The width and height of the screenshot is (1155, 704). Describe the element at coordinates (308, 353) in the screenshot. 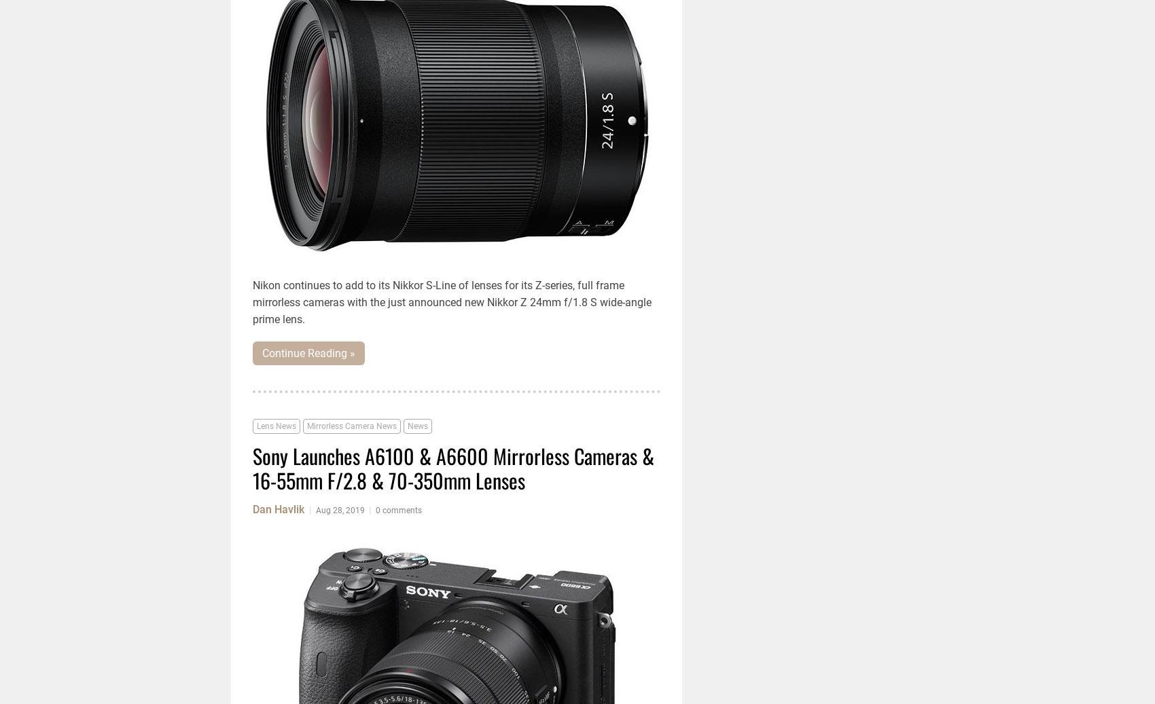

I see `'Continue Reading »'` at that location.